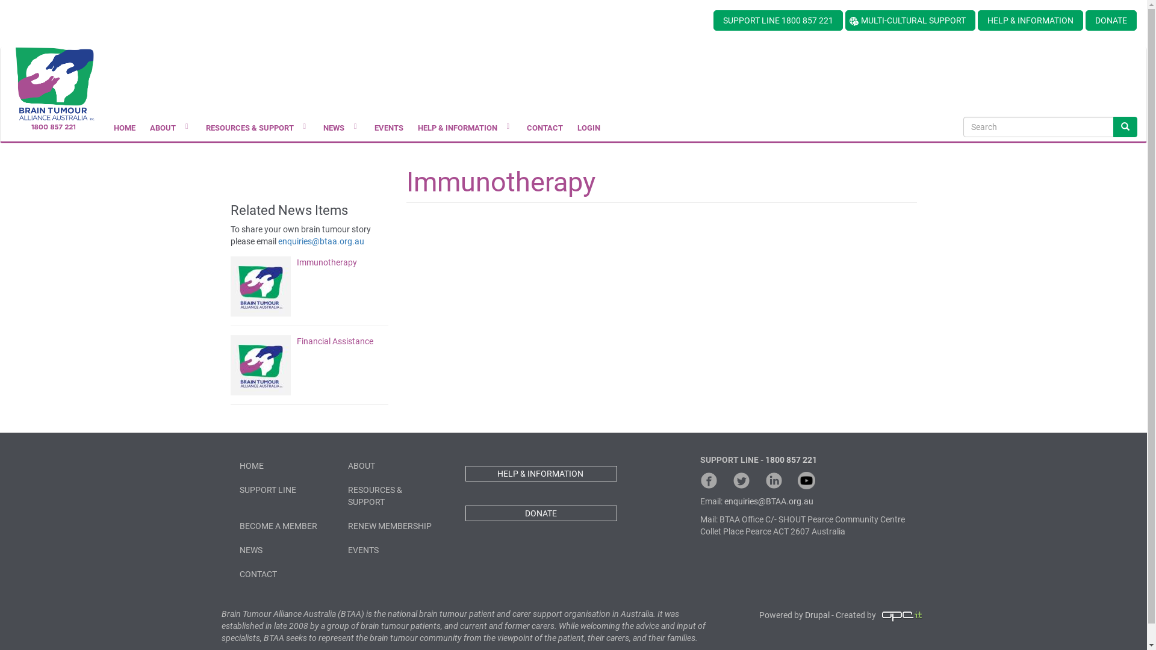 This screenshot has height=650, width=1156. Describe the element at coordinates (1124, 127) in the screenshot. I see `'Search'` at that location.